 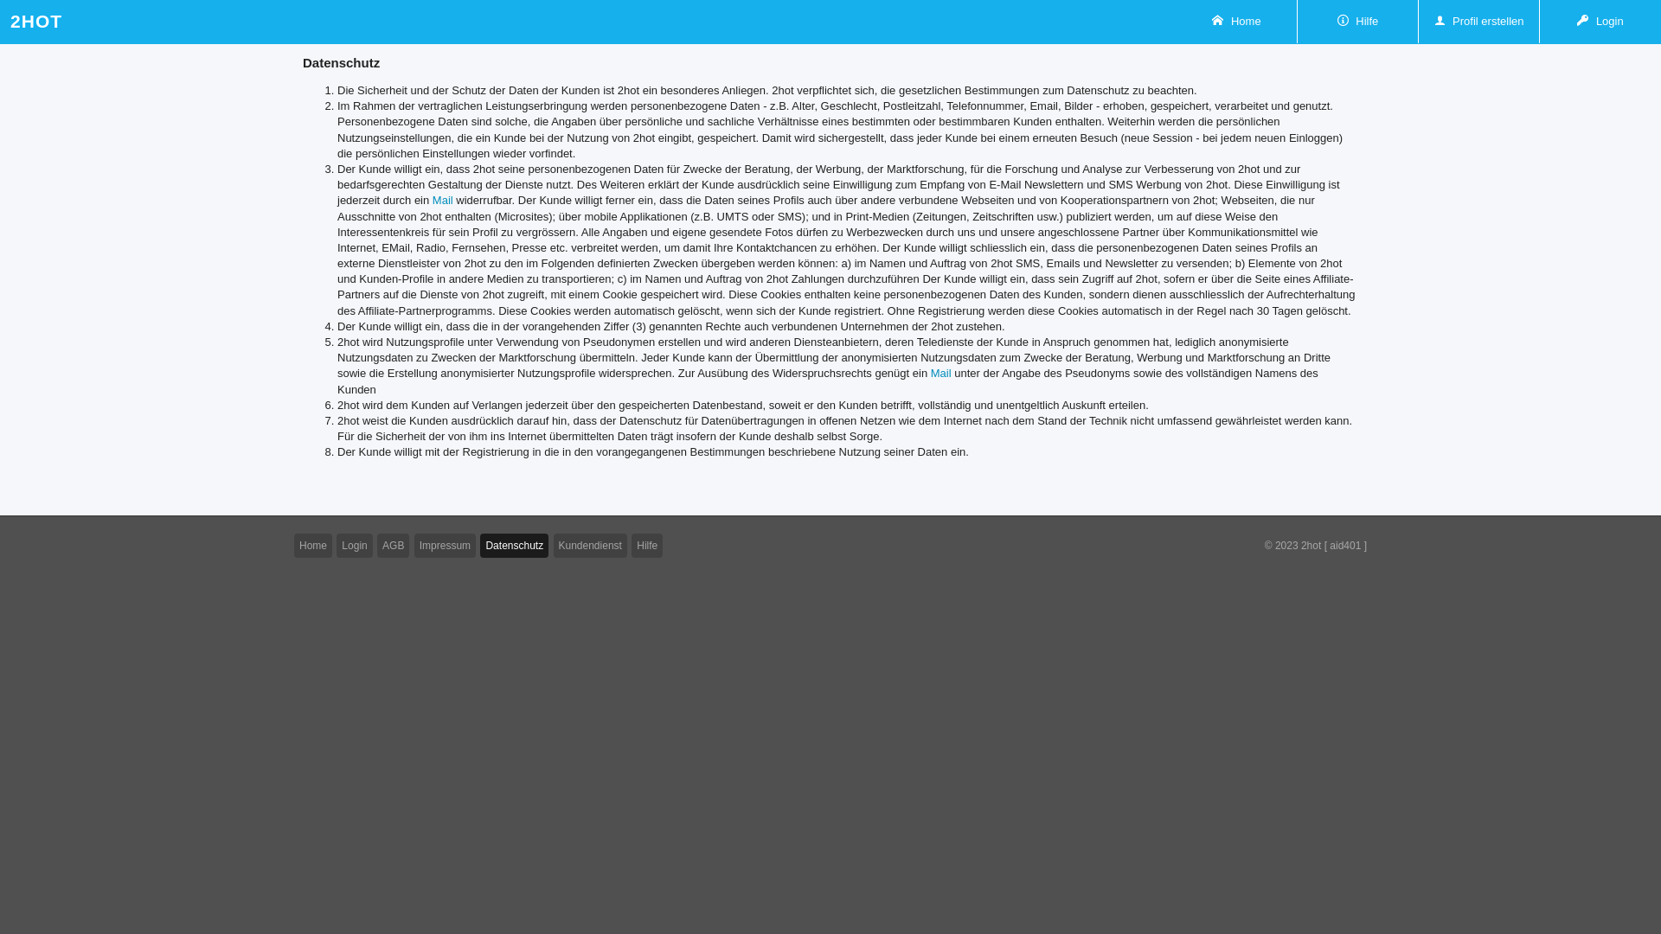 What do you see at coordinates (646, 545) in the screenshot?
I see `'Hilfe'` at bounding box center [646, 545].